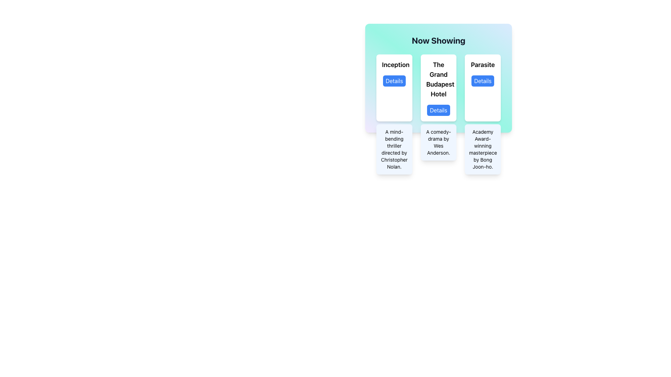 The width and height of the screenshot is (671, 377). I want to click on the 'Details' button with a blue background and white text located at the bottom of the card titled 'The Grand Budapest Hotel', so click(438, 110).